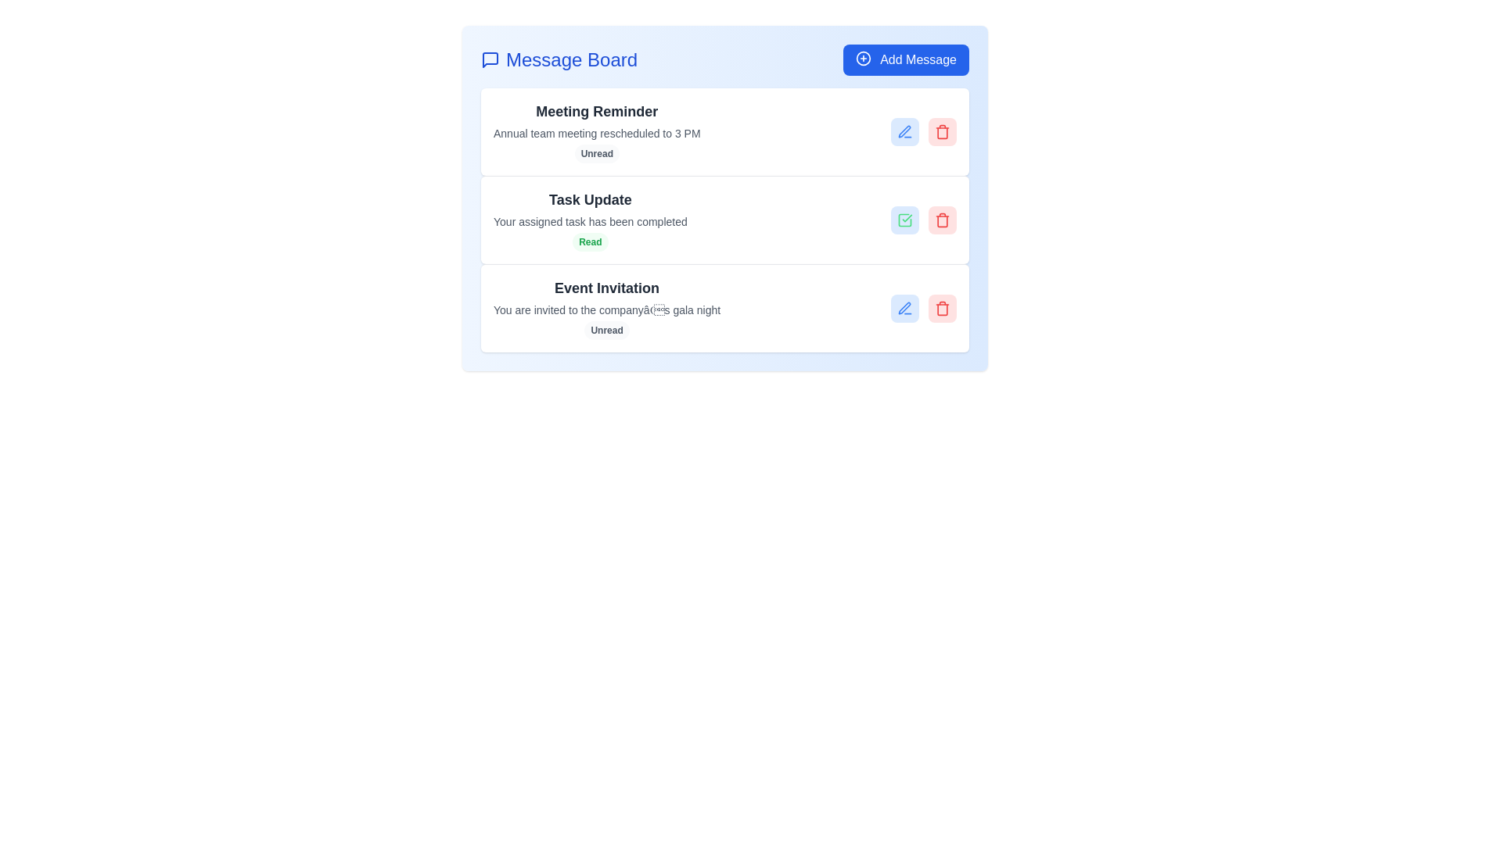 The image size is (1502, 844). Describe the element at coordinates (906, 59) in the screenshot. I see `the button at the top-right corner of the 'Message Board' section to initiate adding a new message` at that location.